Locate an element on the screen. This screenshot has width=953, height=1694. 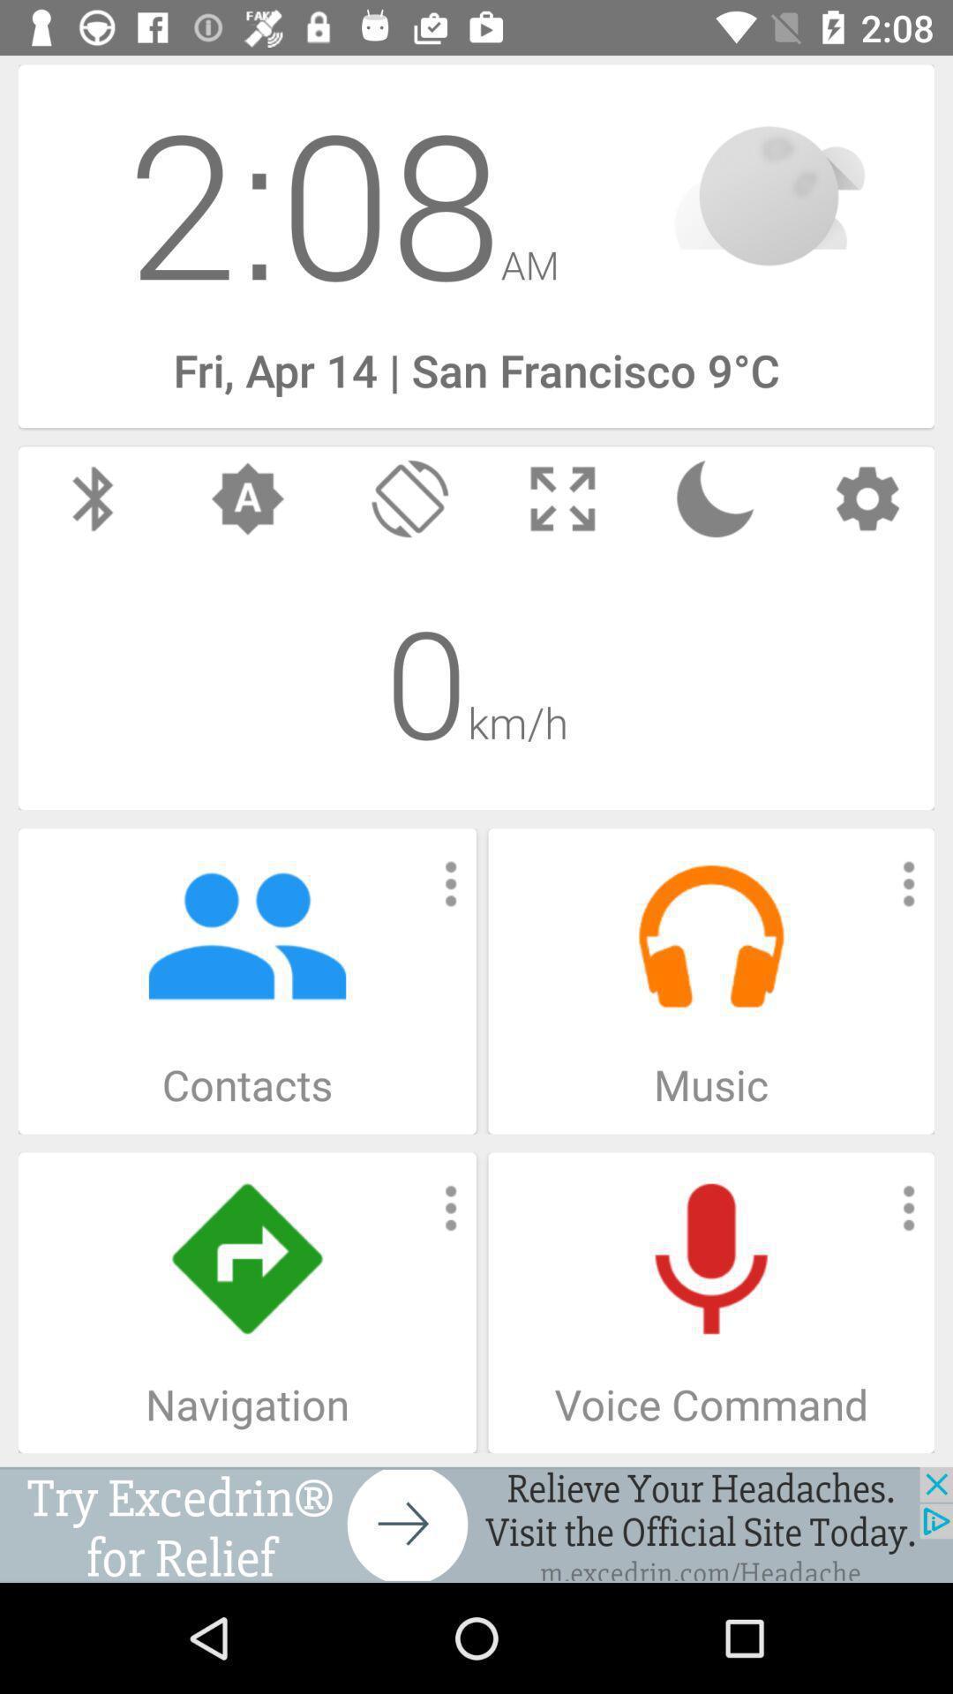
icone is located at coordinates (476, 1524).